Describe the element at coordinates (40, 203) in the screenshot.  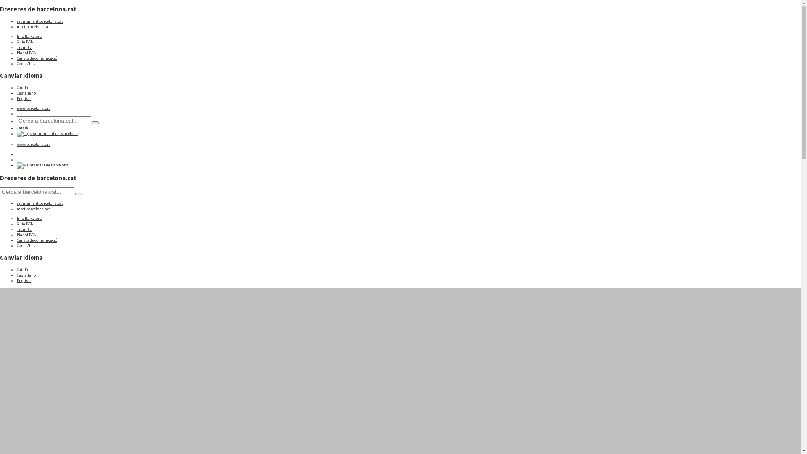
I see `'ajuntament.barcelona.cat'` at that location.